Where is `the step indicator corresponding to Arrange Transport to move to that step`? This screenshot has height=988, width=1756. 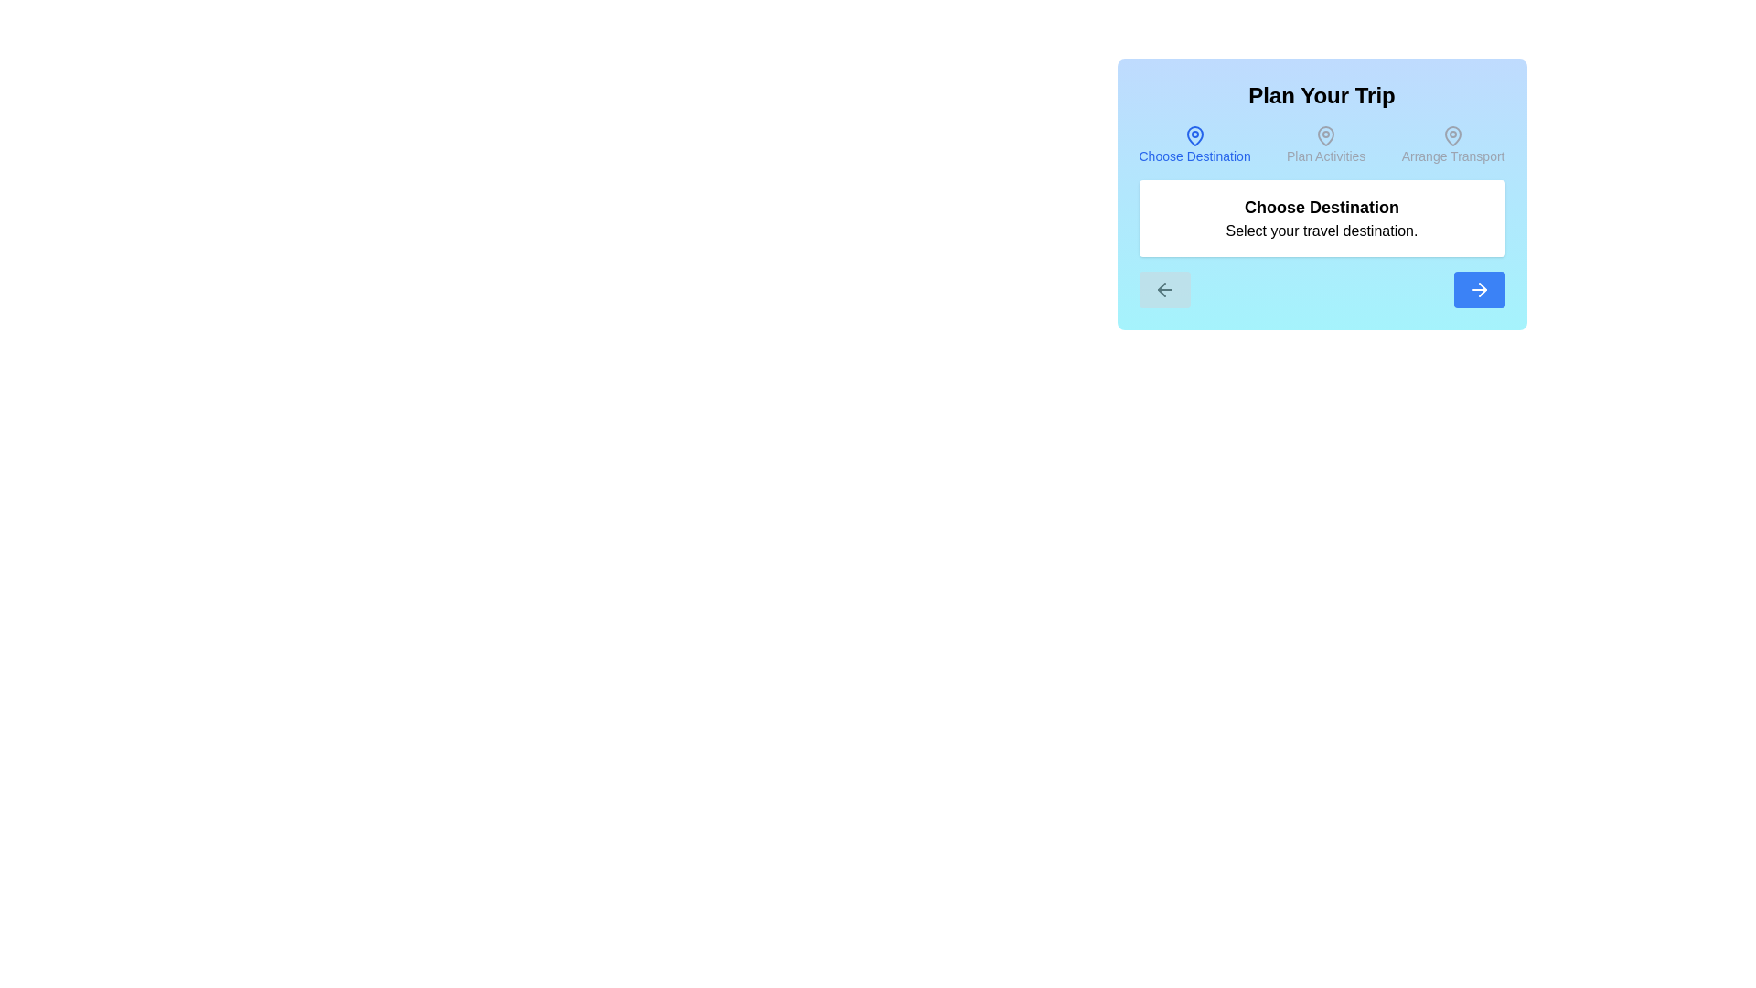
the step indicator corresponding to Arrange Transport to move to that step is located at coordinates (1451, 144).